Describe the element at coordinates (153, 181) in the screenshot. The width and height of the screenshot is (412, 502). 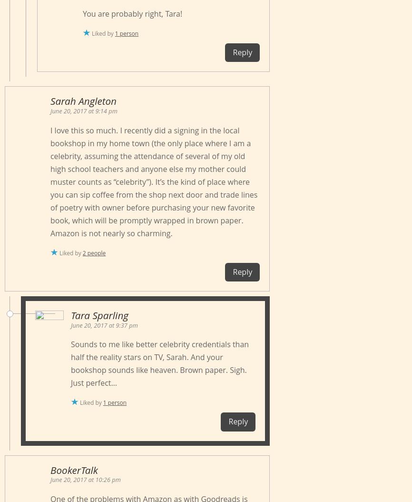
I see `'I love this so much. I recently did a signing in the local bookshop in my home town (the only place where I am a celebrity, assuming the attendance of several of my old high school teachers and anyone else my mother could muster counts as “celebrity”). It’s the kind of place where you can sip coffee from the shop next door and trade lines of poetry with owner before purchasing your new favorite book, which will be promptly wrapped in brown paper. Amazon is not nearly so charming.'` at that location.